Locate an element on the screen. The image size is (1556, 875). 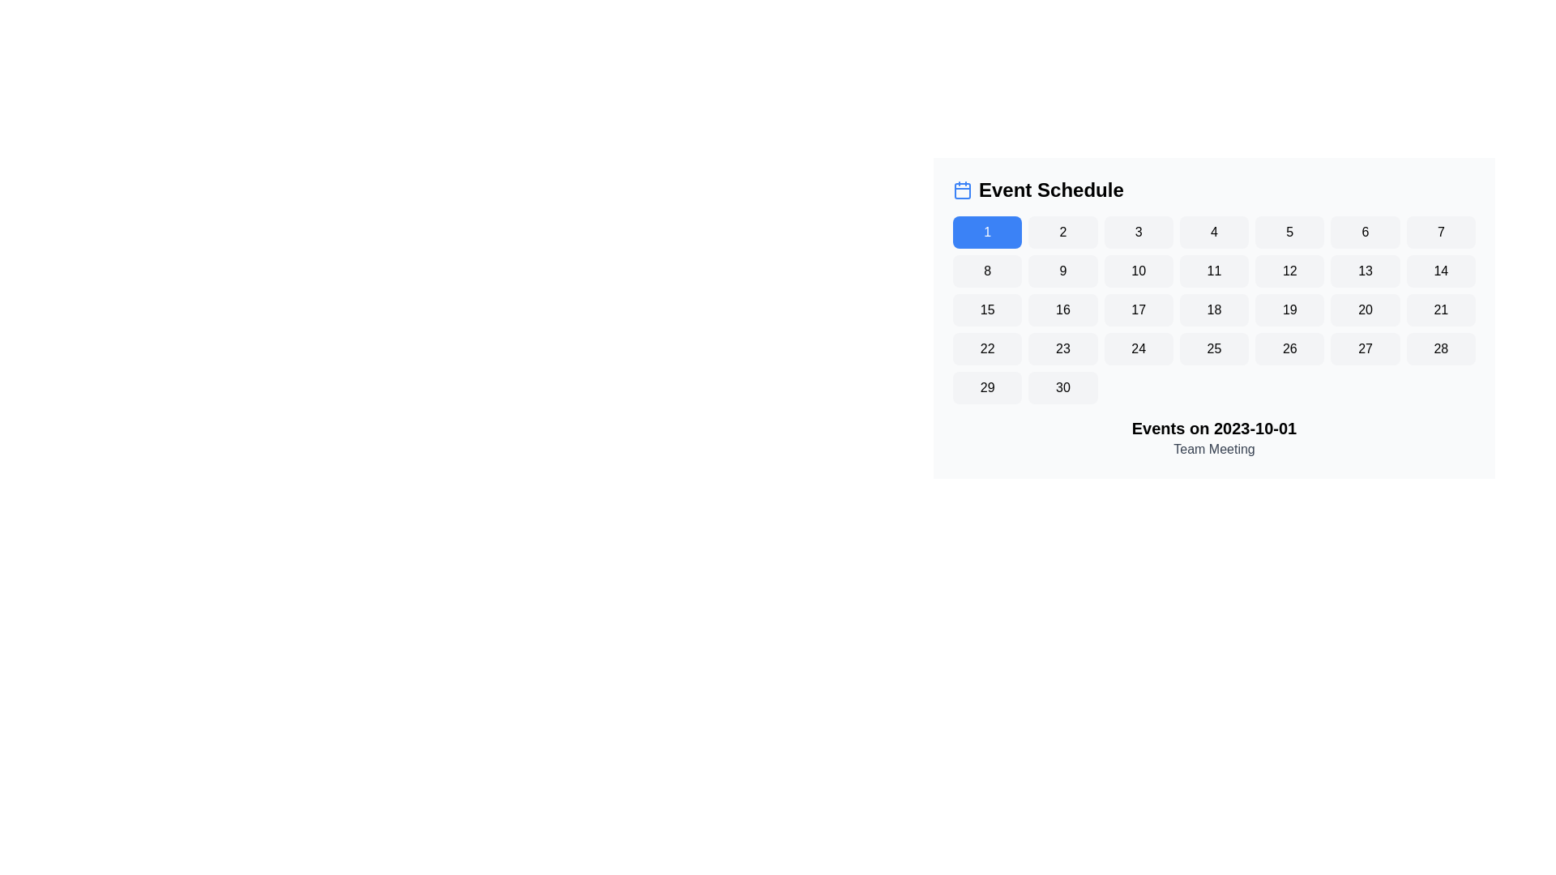
the rounded rectangular button with a light gray background and centered black text displaying the number '8' is located at coordinates (986, 271).